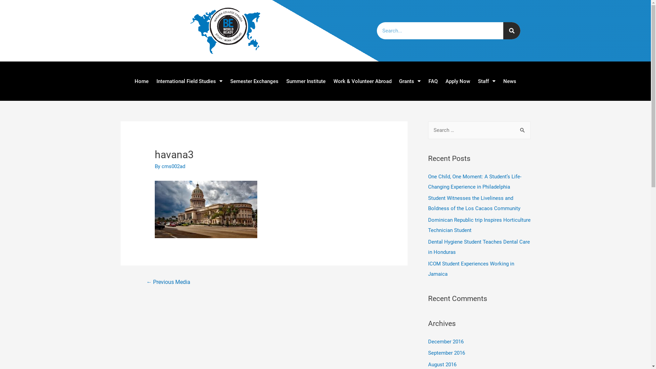 Image resolution: width=656 pixels, height=369 pixels. What do you see at coordinates (433, 80) in the screenshot?
I see `'FAQ'` at bounding box center [433, 80].